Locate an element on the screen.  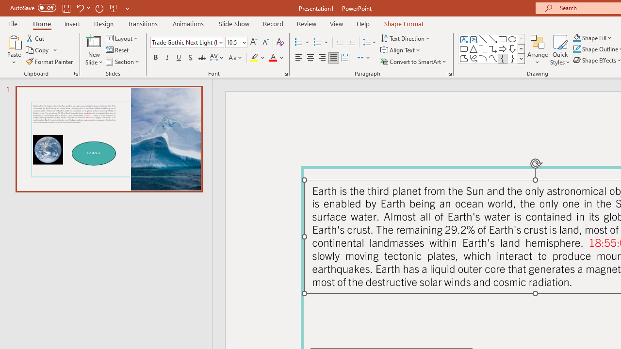
'AutomationID: ShapesInsertGallery' is located at coordinates (492, 48).